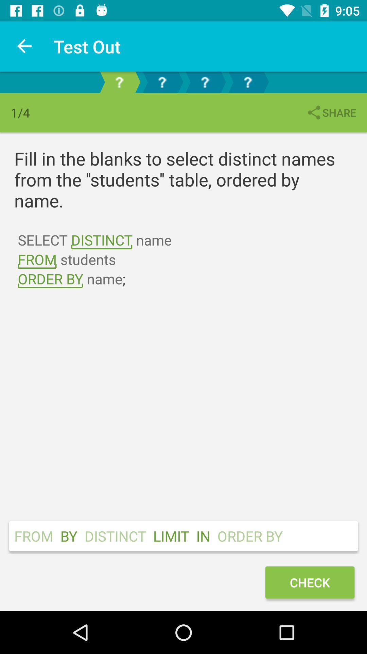 The image size is (367, 654). I want to click on the help icon, so click(248, 82).